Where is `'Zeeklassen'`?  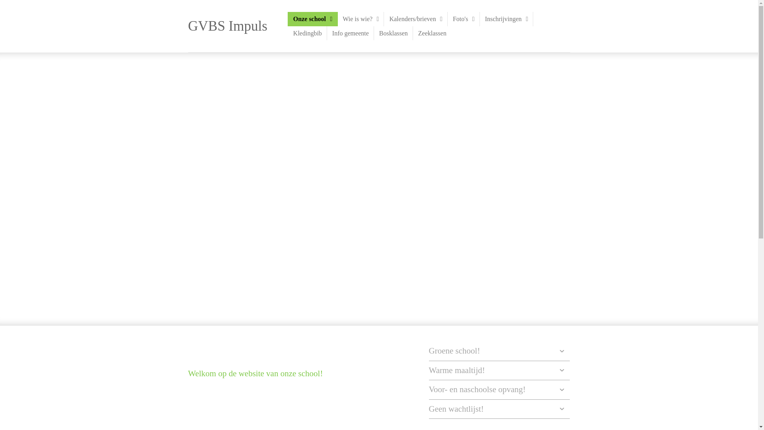 'Zeeklassen' is located at coordinates (432, 33).